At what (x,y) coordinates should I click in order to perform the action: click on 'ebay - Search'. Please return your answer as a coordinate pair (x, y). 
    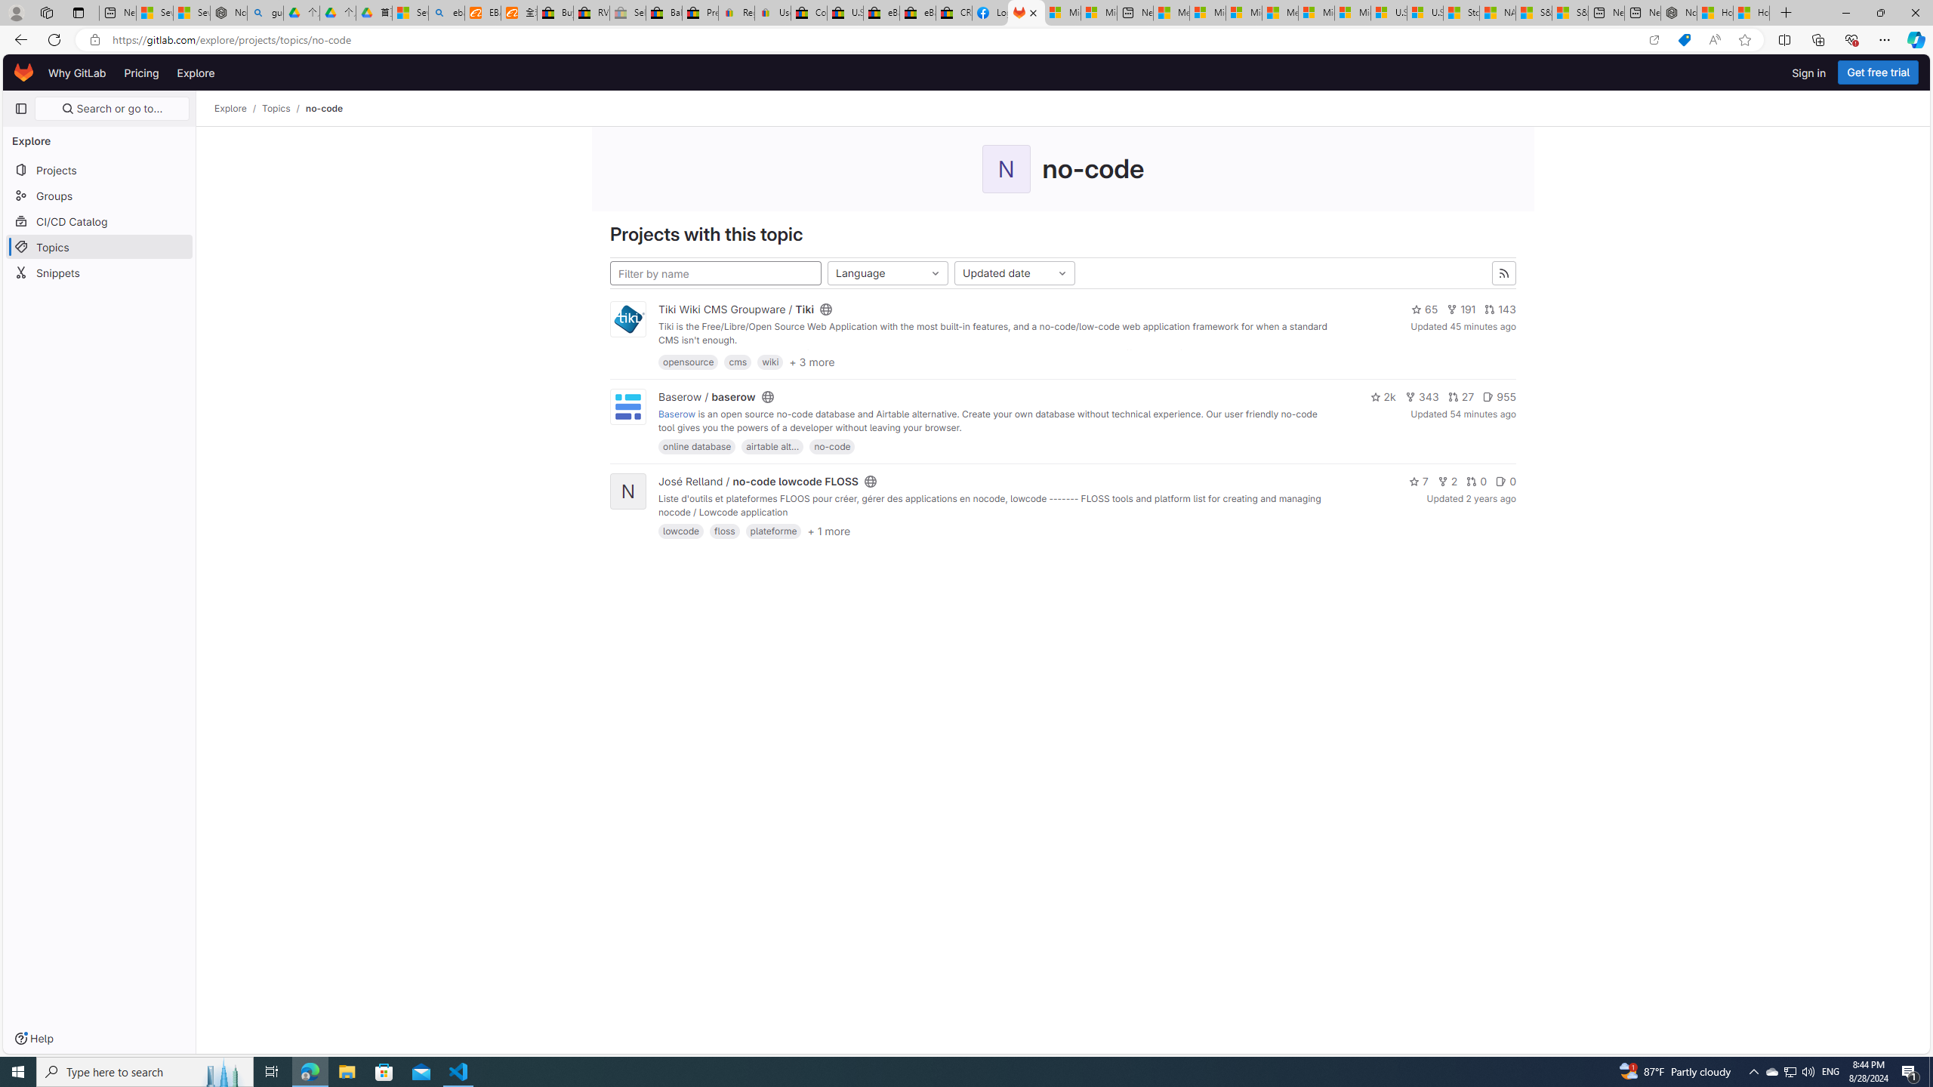
    Looking at the image, I should click on (446, 12).